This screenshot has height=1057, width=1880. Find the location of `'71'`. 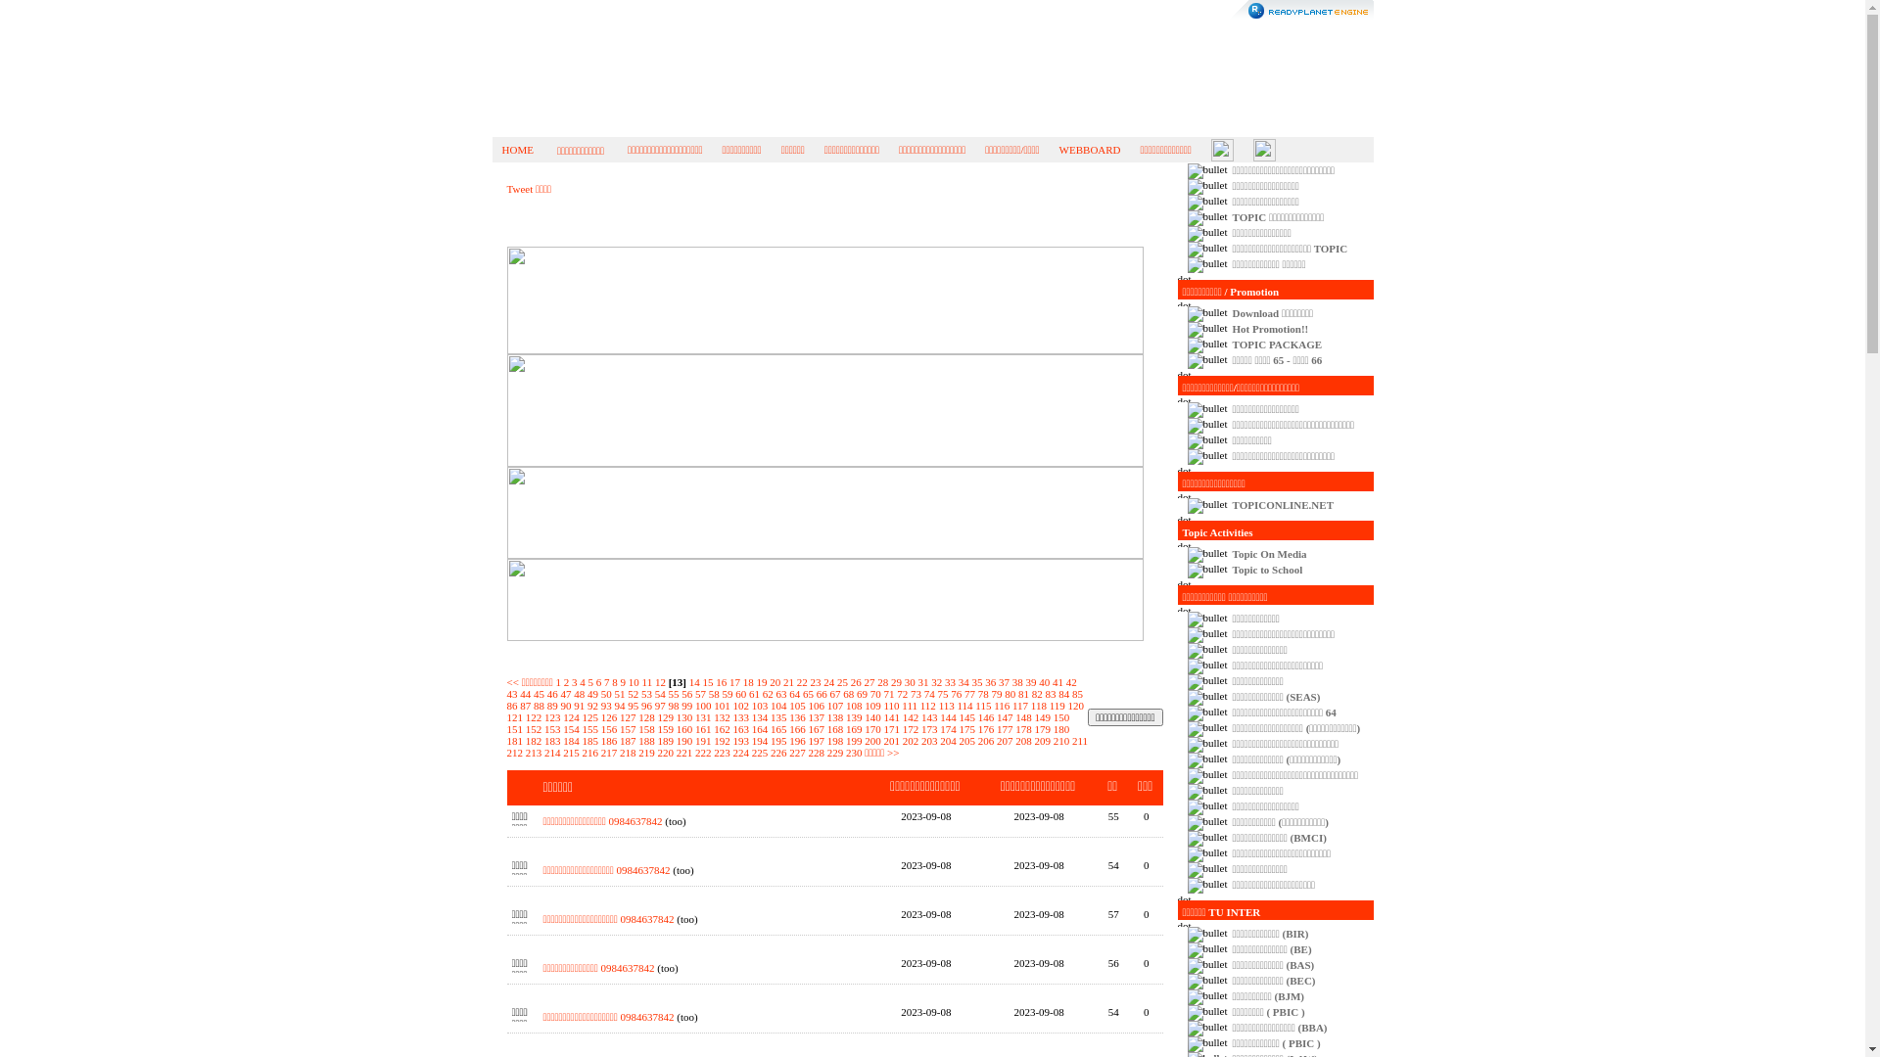

'71' is located at coordinates (887, 693).